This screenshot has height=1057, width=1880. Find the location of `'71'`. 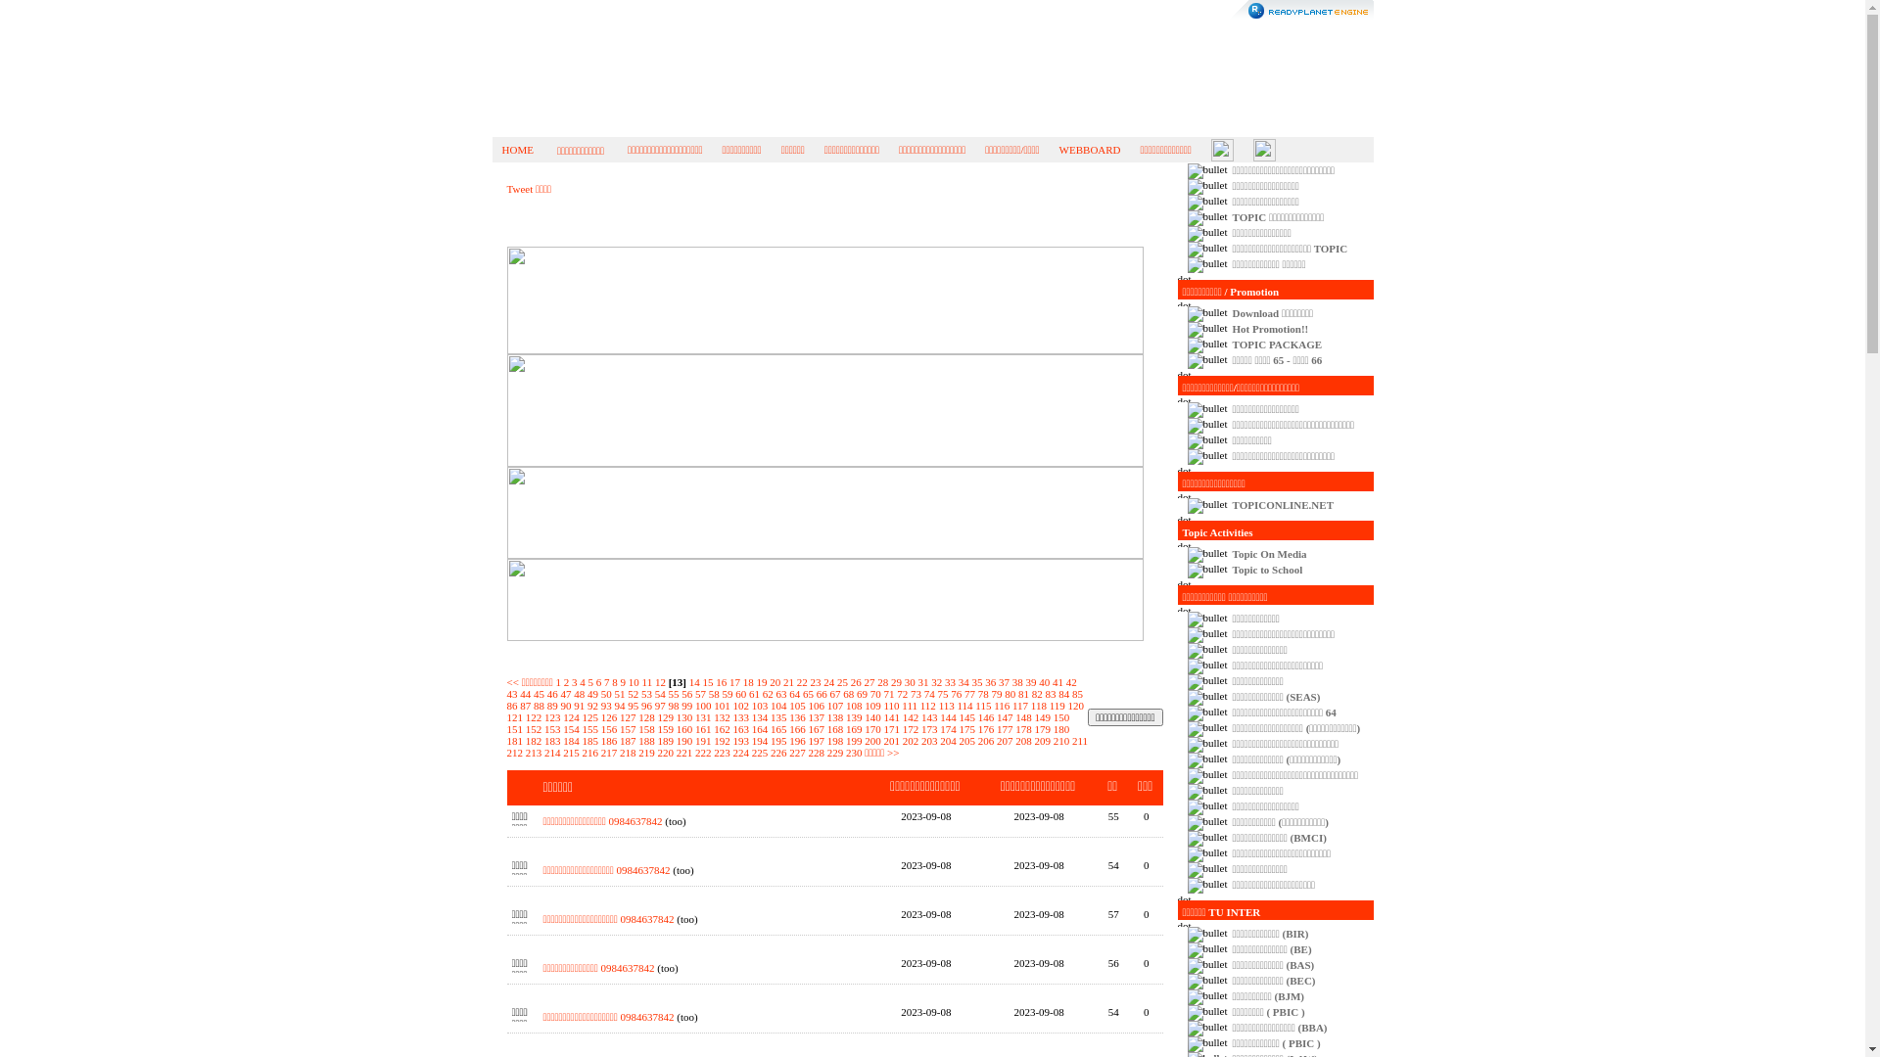

'71' is located at coordinates (887, 693).